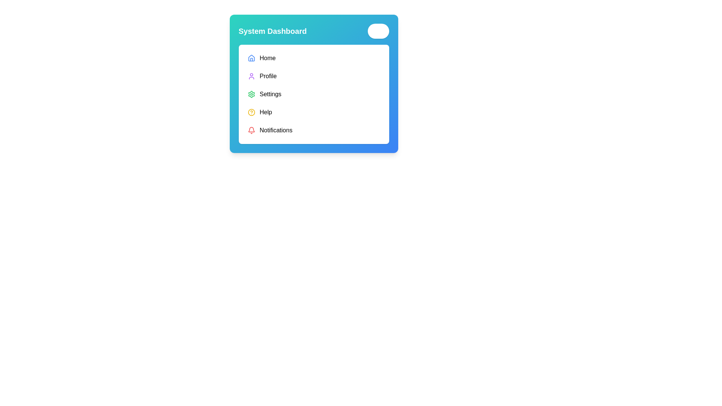 The height and width of the screenshot is (406, 722). I want to click on the yellow circular 'Help' icon, which serves as a decorative and informational element among other similar icons arranged vertically, so click(251, 112).